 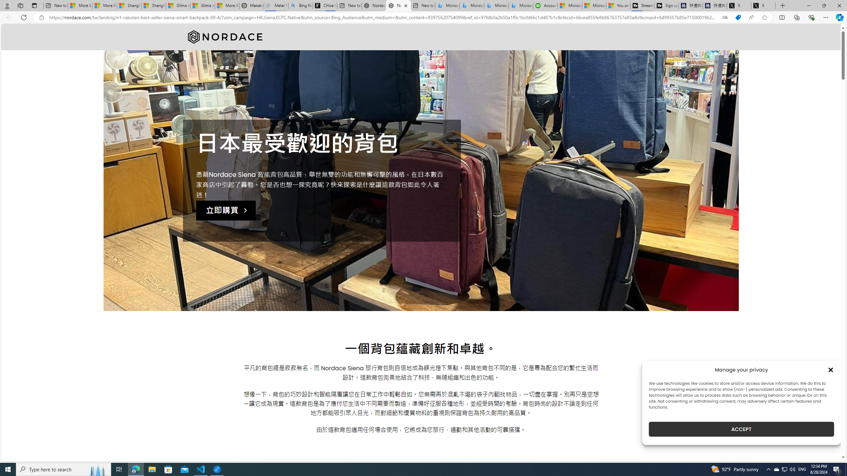 What do you see at coordinates (808, 5) in the screenshot?
I see `'Minimize'` at bounding box center [808, 5].